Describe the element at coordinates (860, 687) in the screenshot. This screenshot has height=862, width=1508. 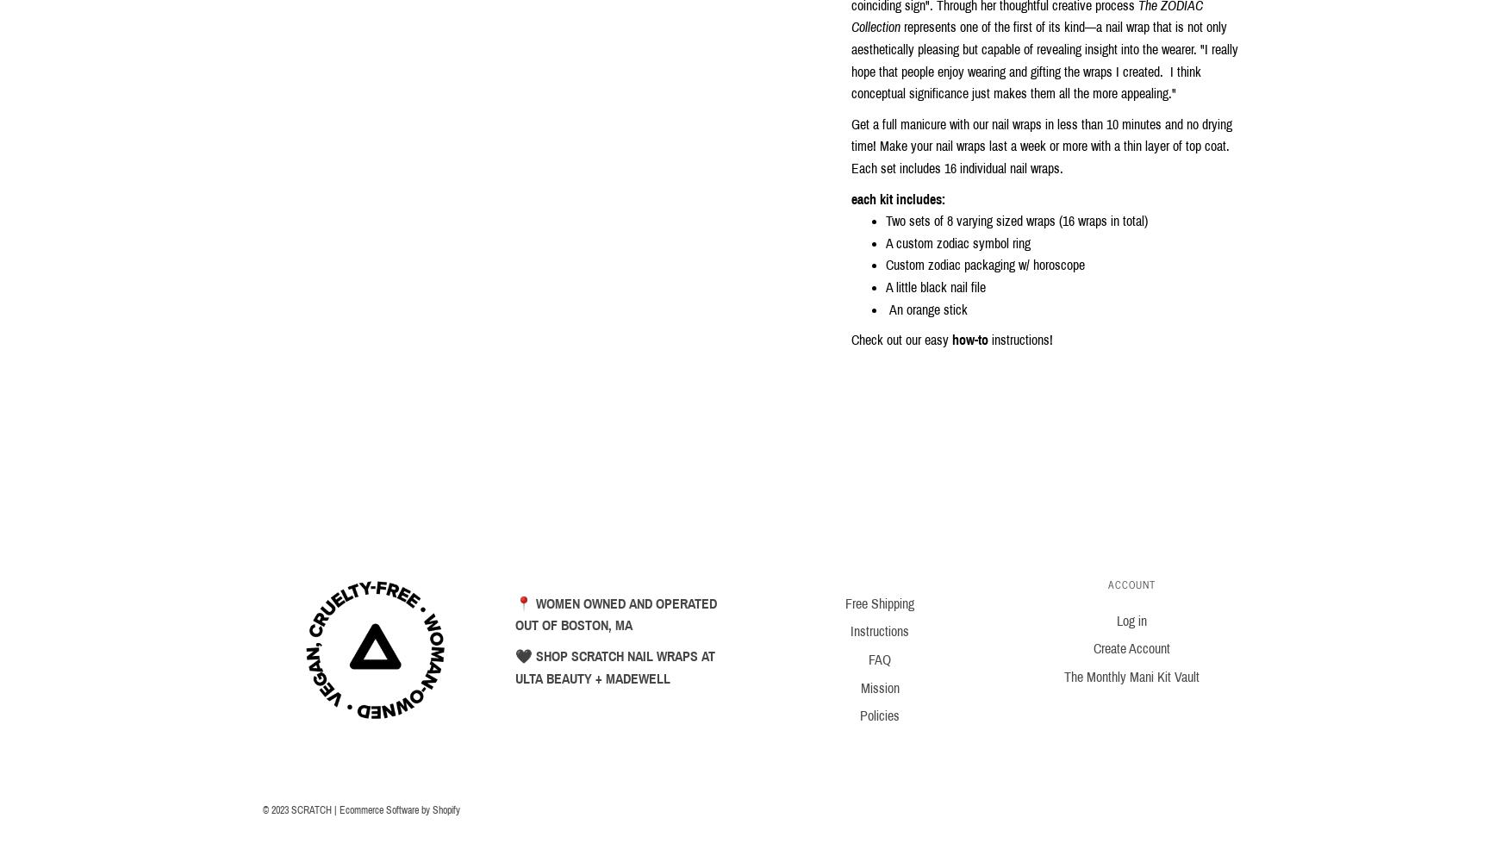
I see `'Mission'` at that location.